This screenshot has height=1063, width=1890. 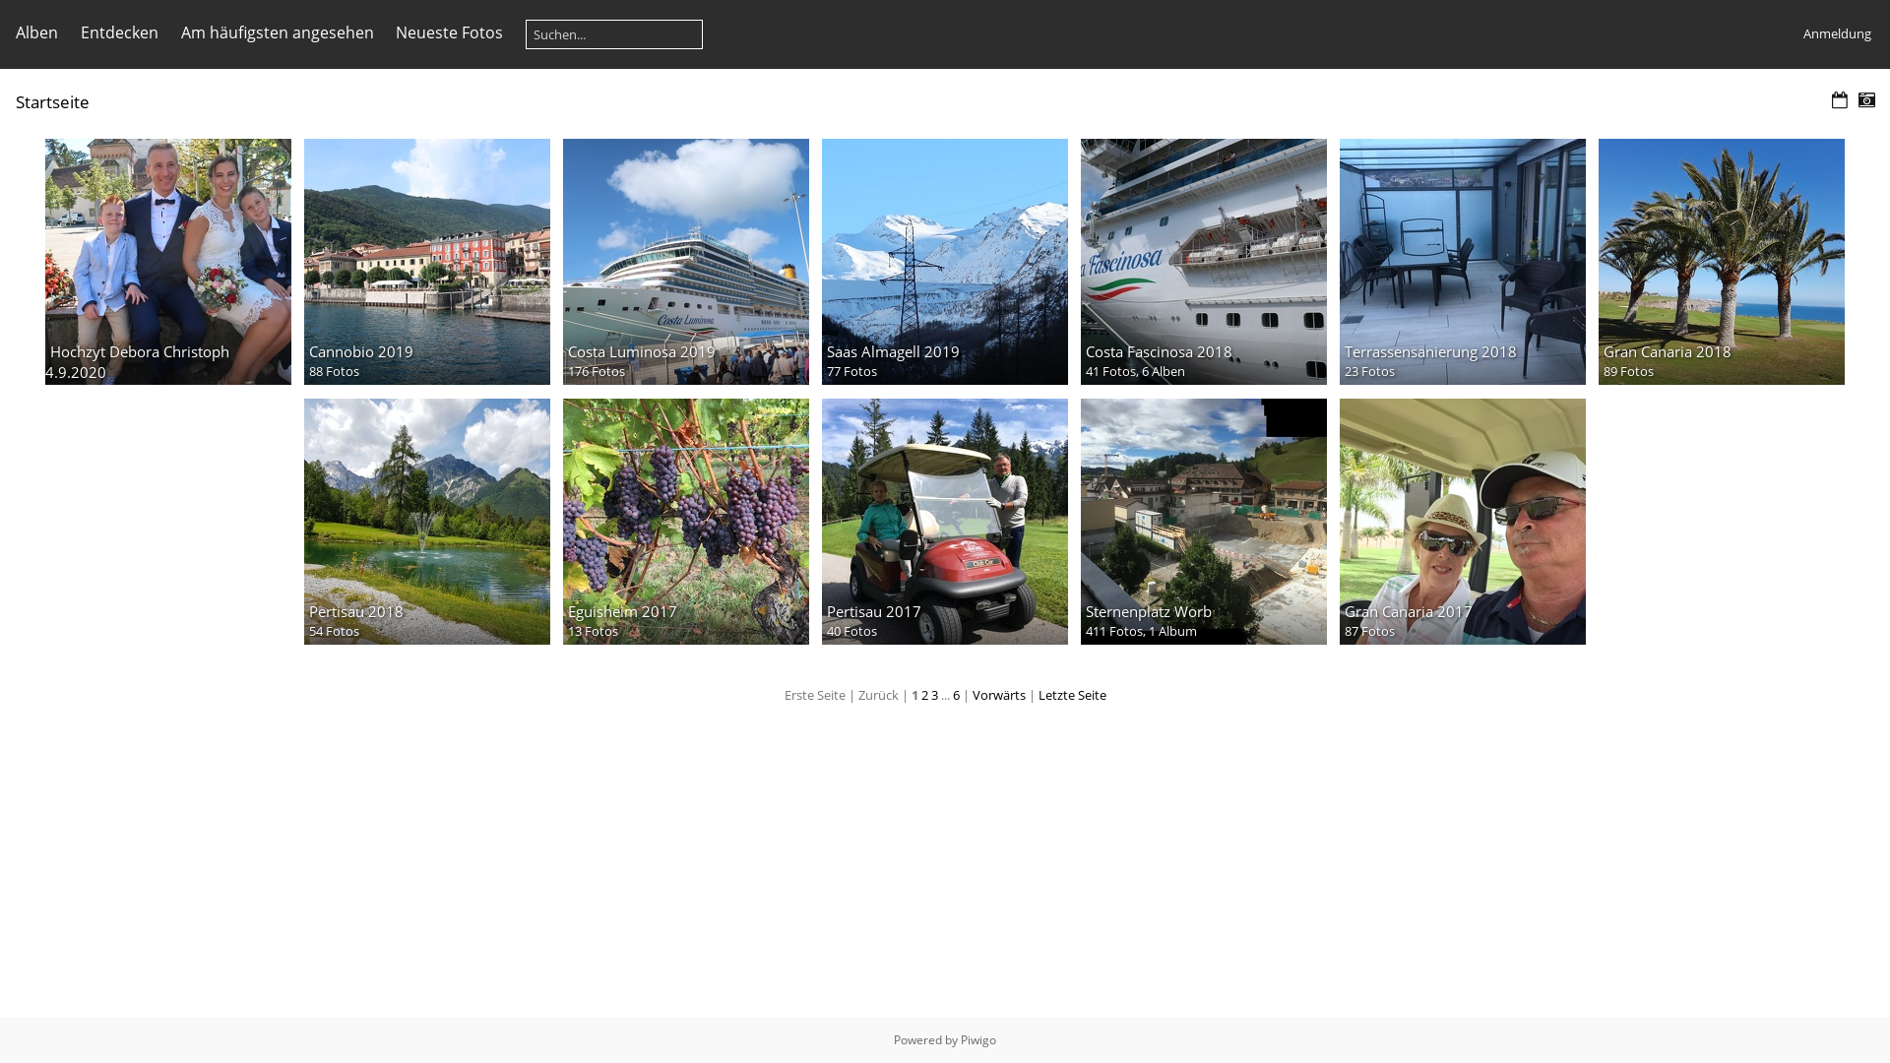 I want to click on 'Saas Almagell 2019, so click(x=822, y=261).